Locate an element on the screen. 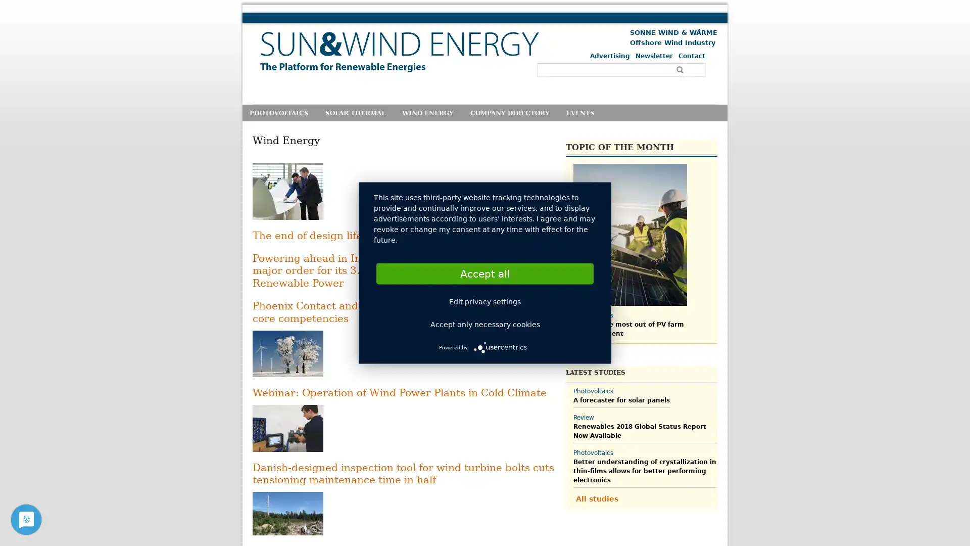 The image size is (970, 546). Accept is located at coordinates (485, 273).